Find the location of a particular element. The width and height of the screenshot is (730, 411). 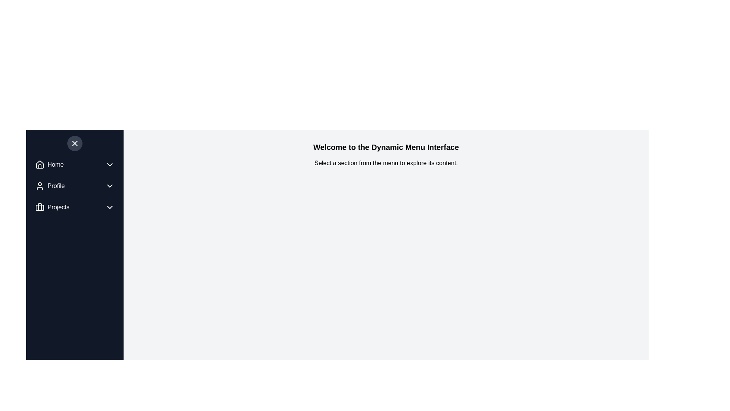

the 'Profile' menu item, which is the second item in the vertical list of the left-side navigation menu is located at coordinates (75, 186).